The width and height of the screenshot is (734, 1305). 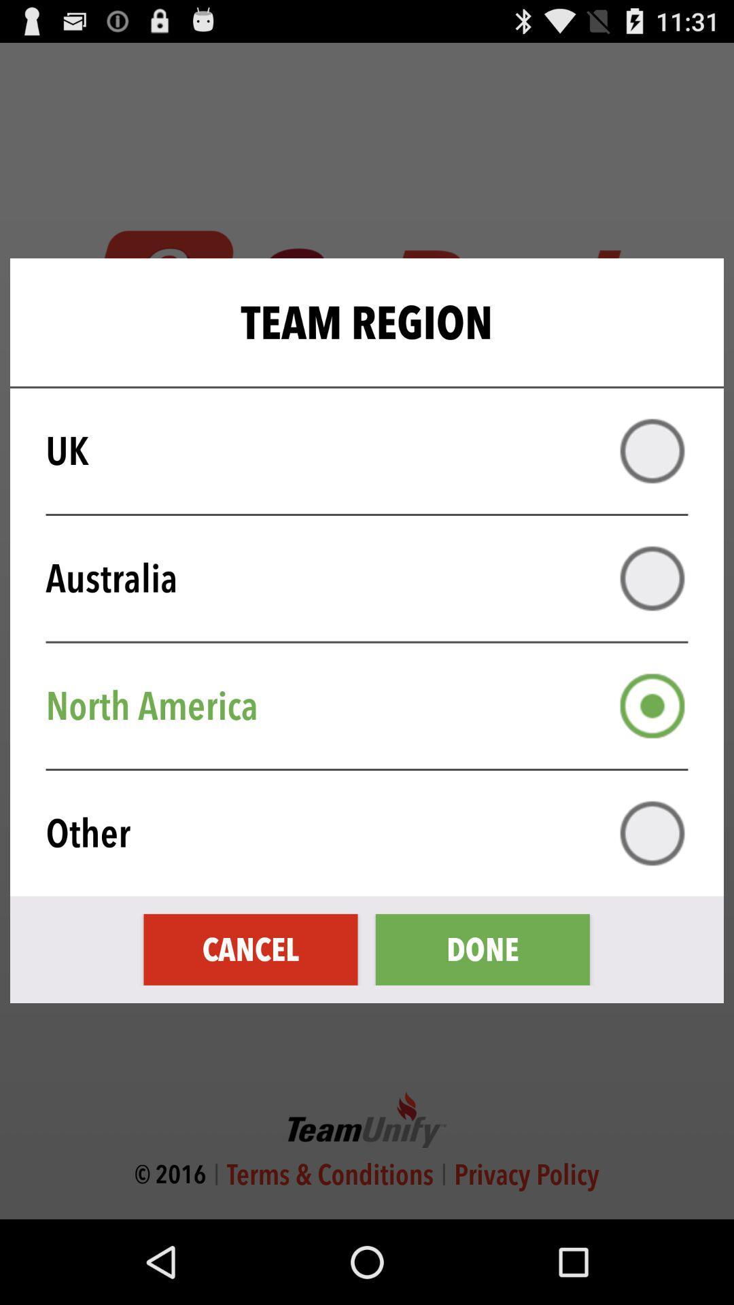 I want to click on icon to the left of the done item, so click(x=251, y=949).